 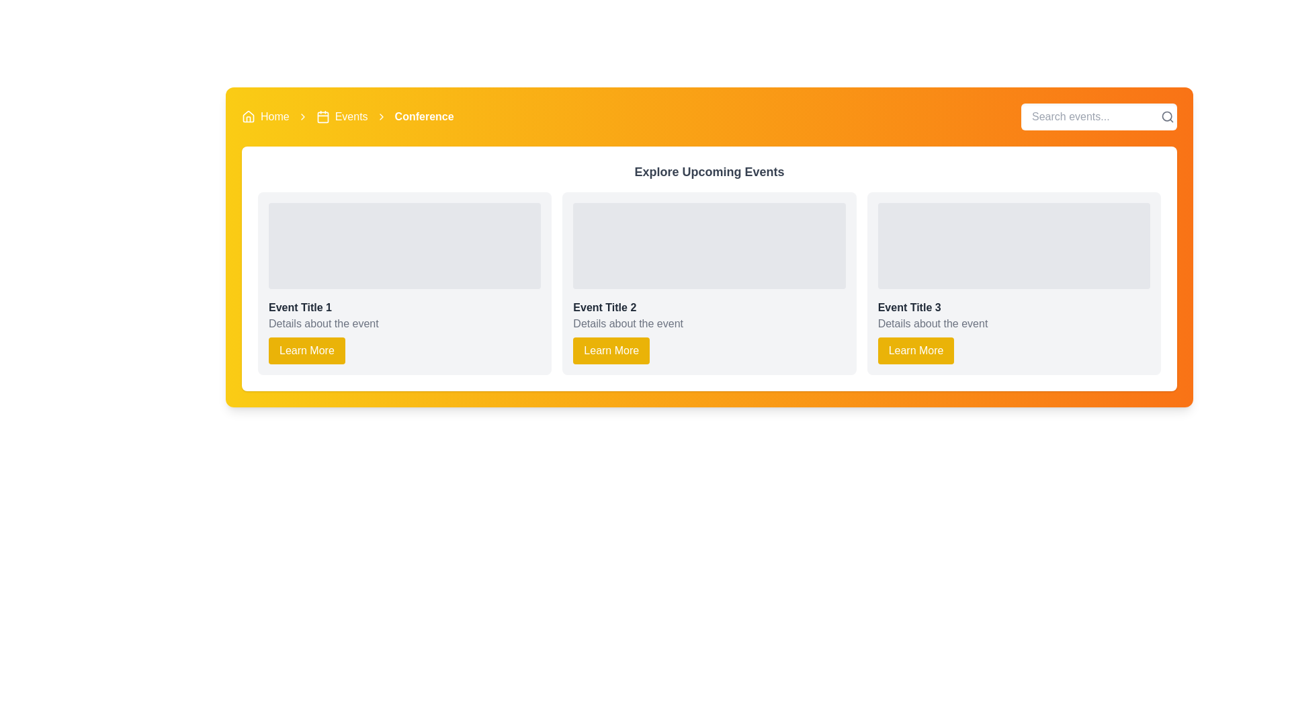 I want to click on the navigational link labeled 'Events' which features a calendar icon and is styled with white text on a yellow background, located between 'Home' and 'Conference' in the breadcrumb navigation bar, so click(x=342, y=116).